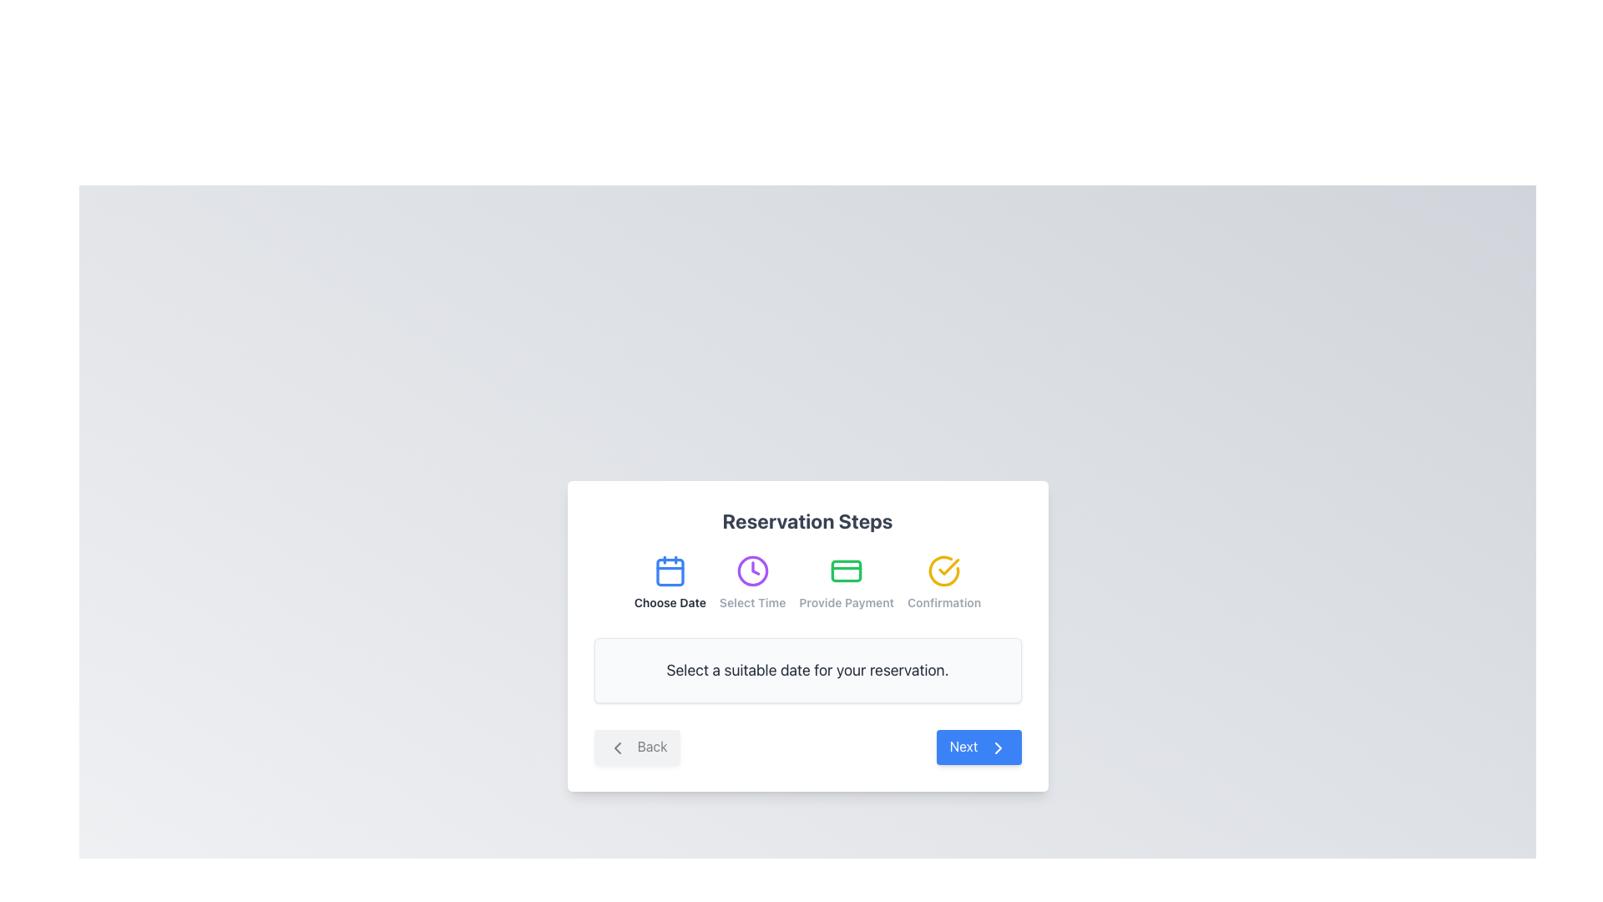 Image resolution: width=1603 pixels, height=902 pixels. What do you see at coordinates (998, 747) in the screenshot?
I see `the chevron arrow icon located inside the 'Next' button at the bottom-right corner of the 'Reservation Steps' modal` at bounding box center [998, 747].